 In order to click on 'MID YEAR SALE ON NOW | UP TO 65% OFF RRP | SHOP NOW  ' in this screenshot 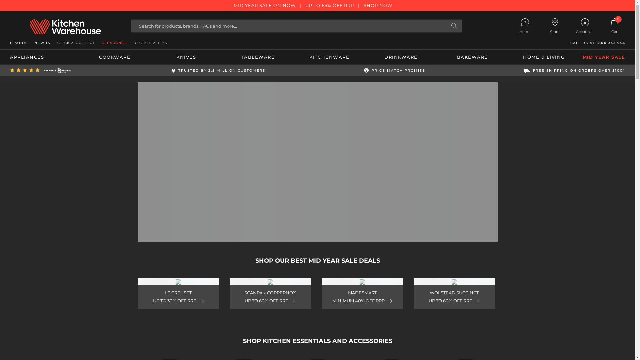, I will do `click(317, 5)`.